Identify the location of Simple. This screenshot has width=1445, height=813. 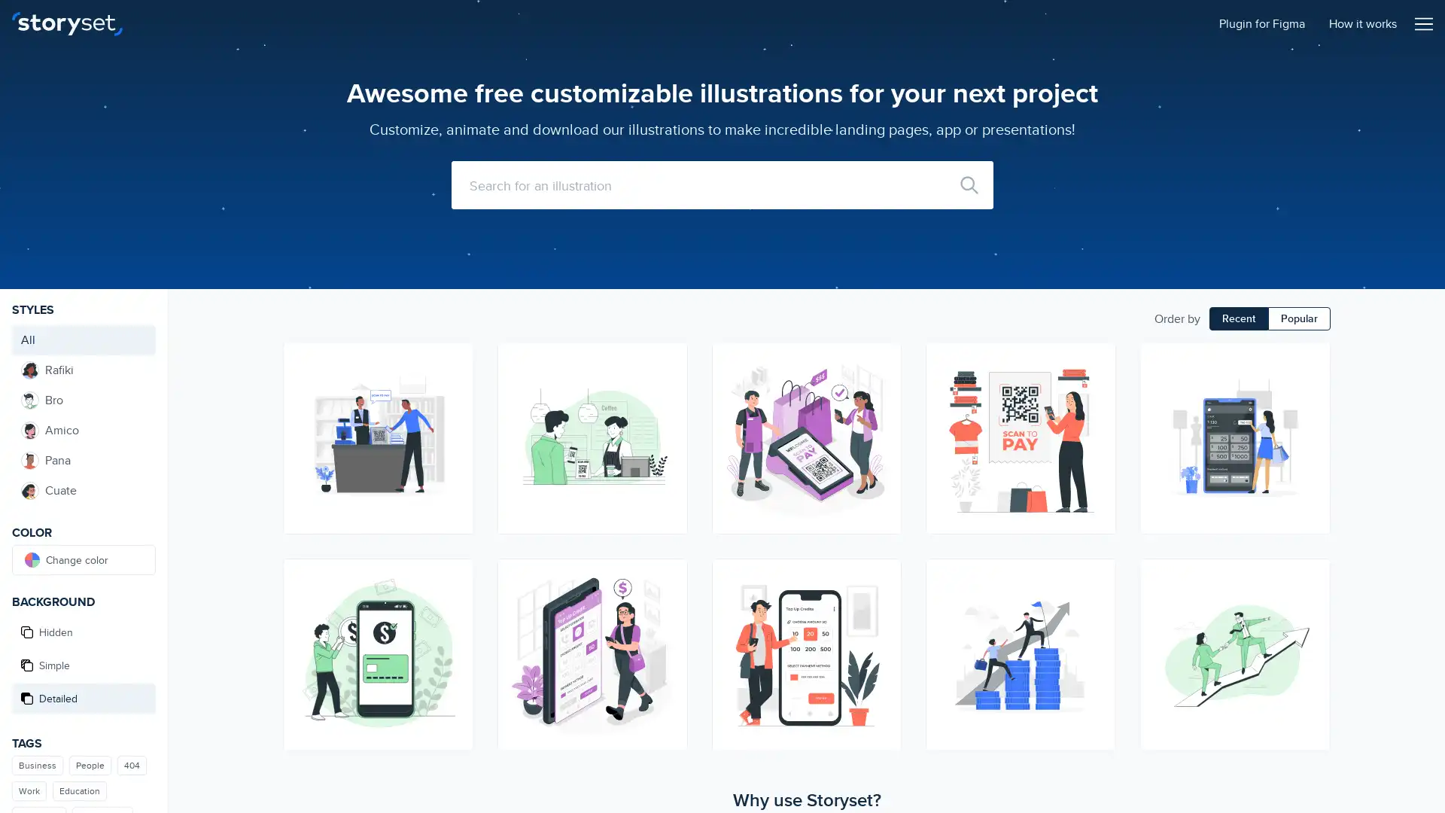
(83, 664).